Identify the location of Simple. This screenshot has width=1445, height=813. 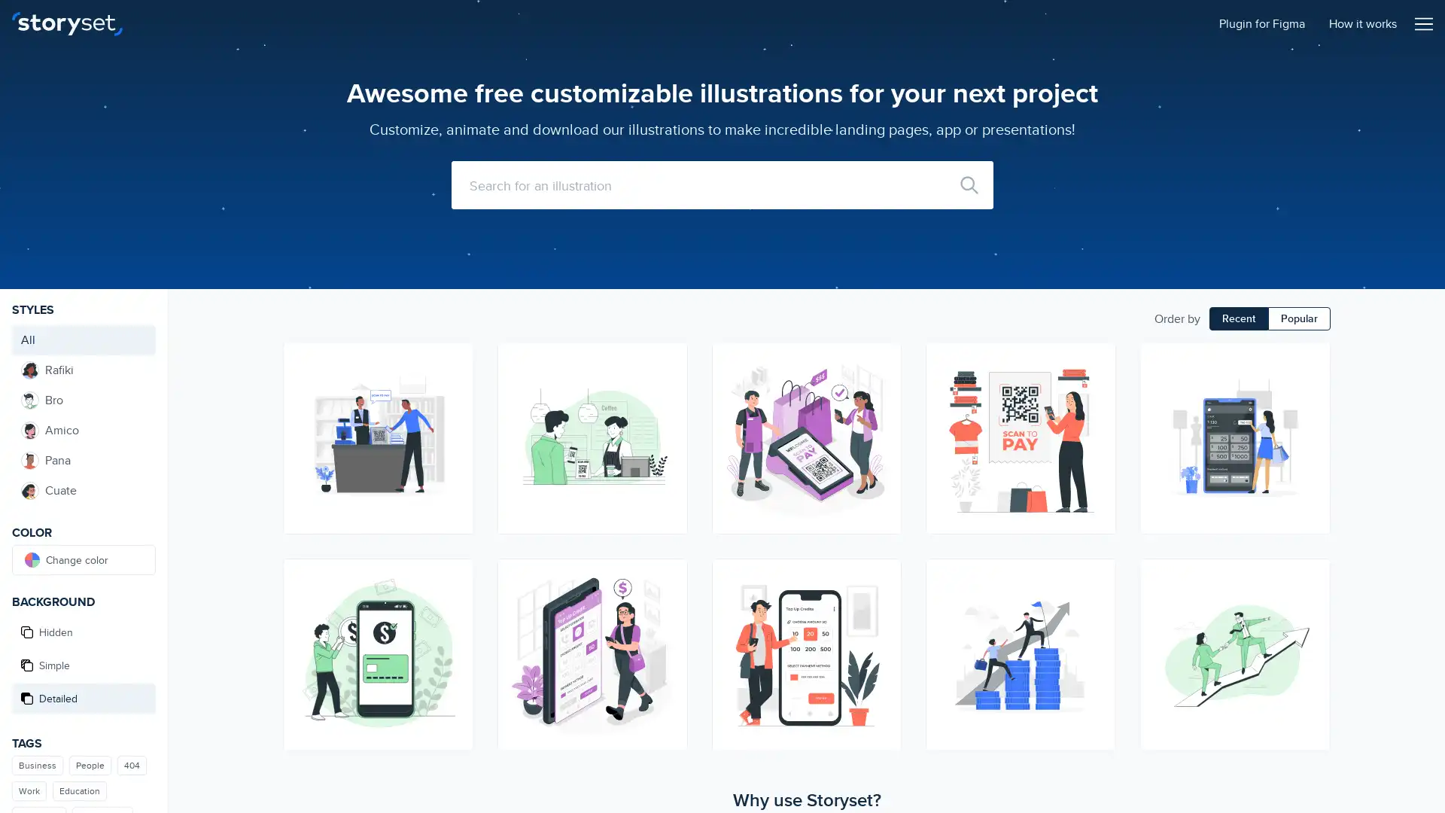
(83, 664).